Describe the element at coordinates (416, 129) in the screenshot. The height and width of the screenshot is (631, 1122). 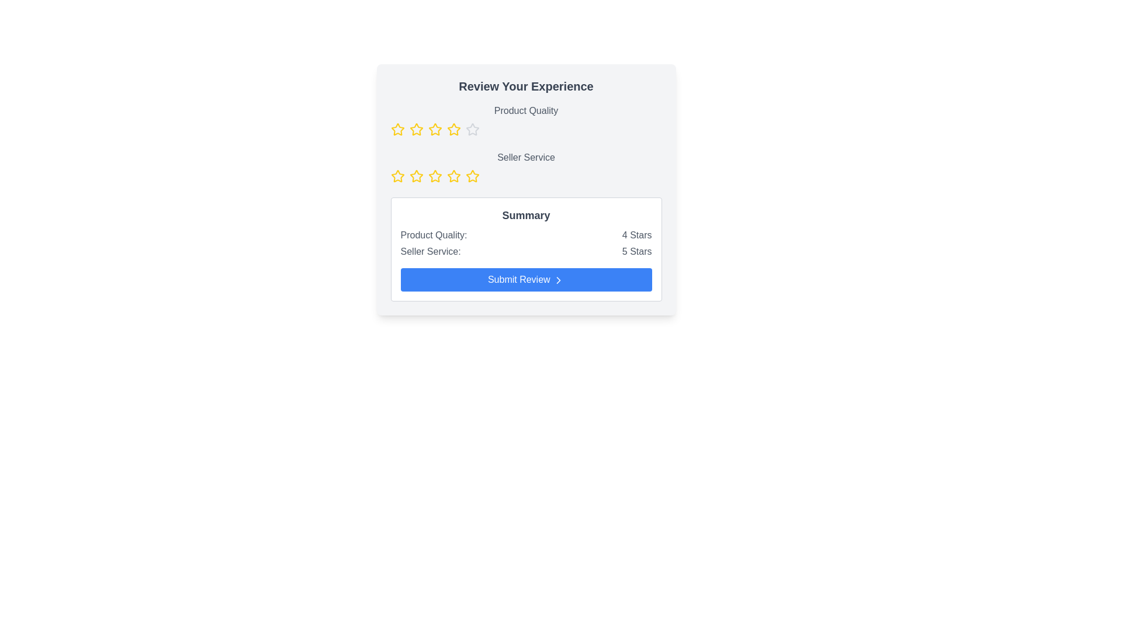
I see `the second star` at that location.